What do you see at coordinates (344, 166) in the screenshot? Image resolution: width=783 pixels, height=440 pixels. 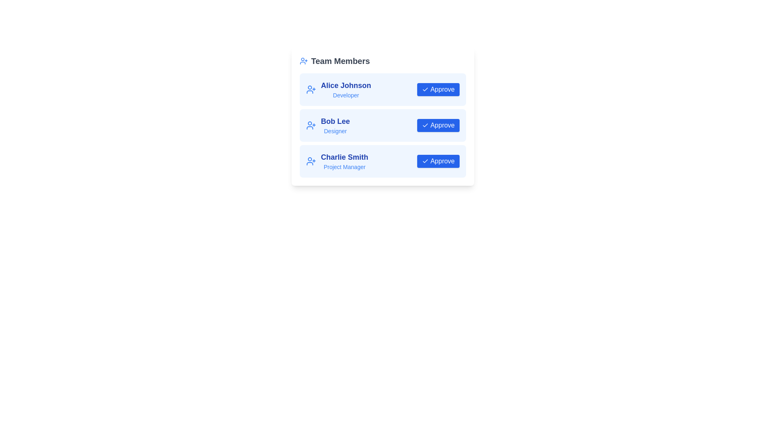 I see `the text label displaying the job title 'Project Manager' associated with 'Charlie Smith', located beneath the name in the 'Team Members' list` at bounding box center [344, 166].